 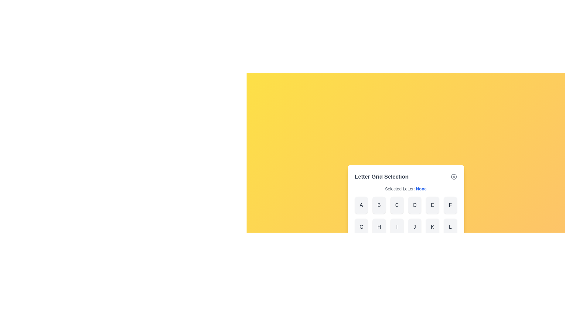 What do you see at coordinates (454, 177) in the screenshot?
I see `the close button to close the dialog` at bounding box center [454, 177].